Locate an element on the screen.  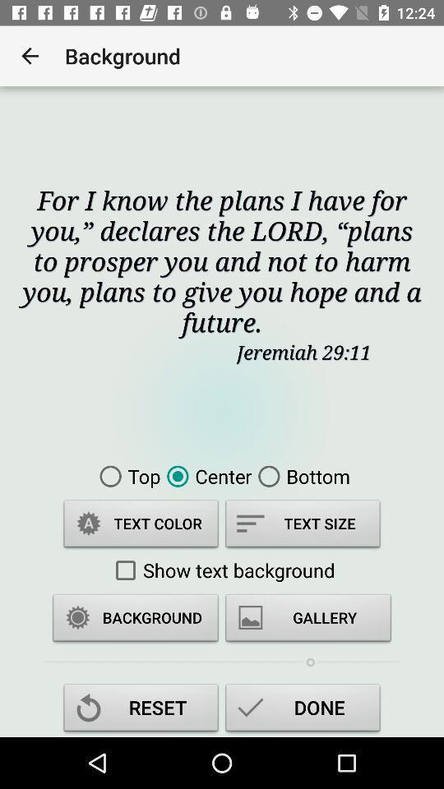
icon to the left of bottom icon is located at coordinates (206, 476).